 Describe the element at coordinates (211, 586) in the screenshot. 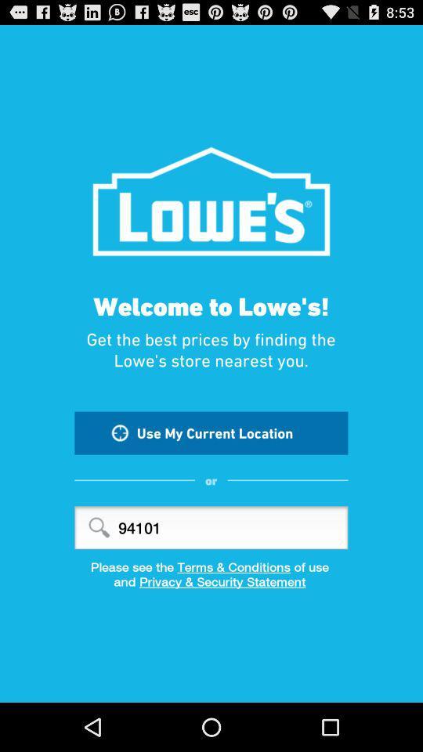

I see `and privacy security` at that location.